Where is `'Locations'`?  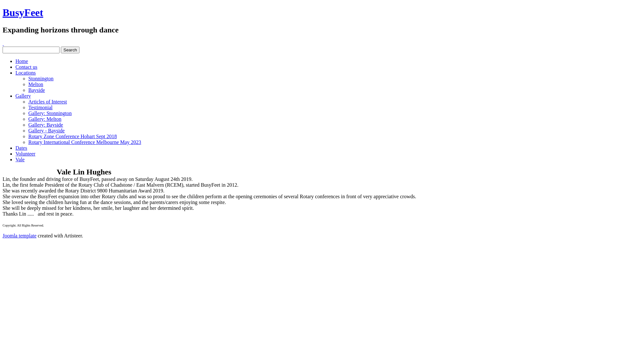 'Locations' is located at coordinates (15, 72).